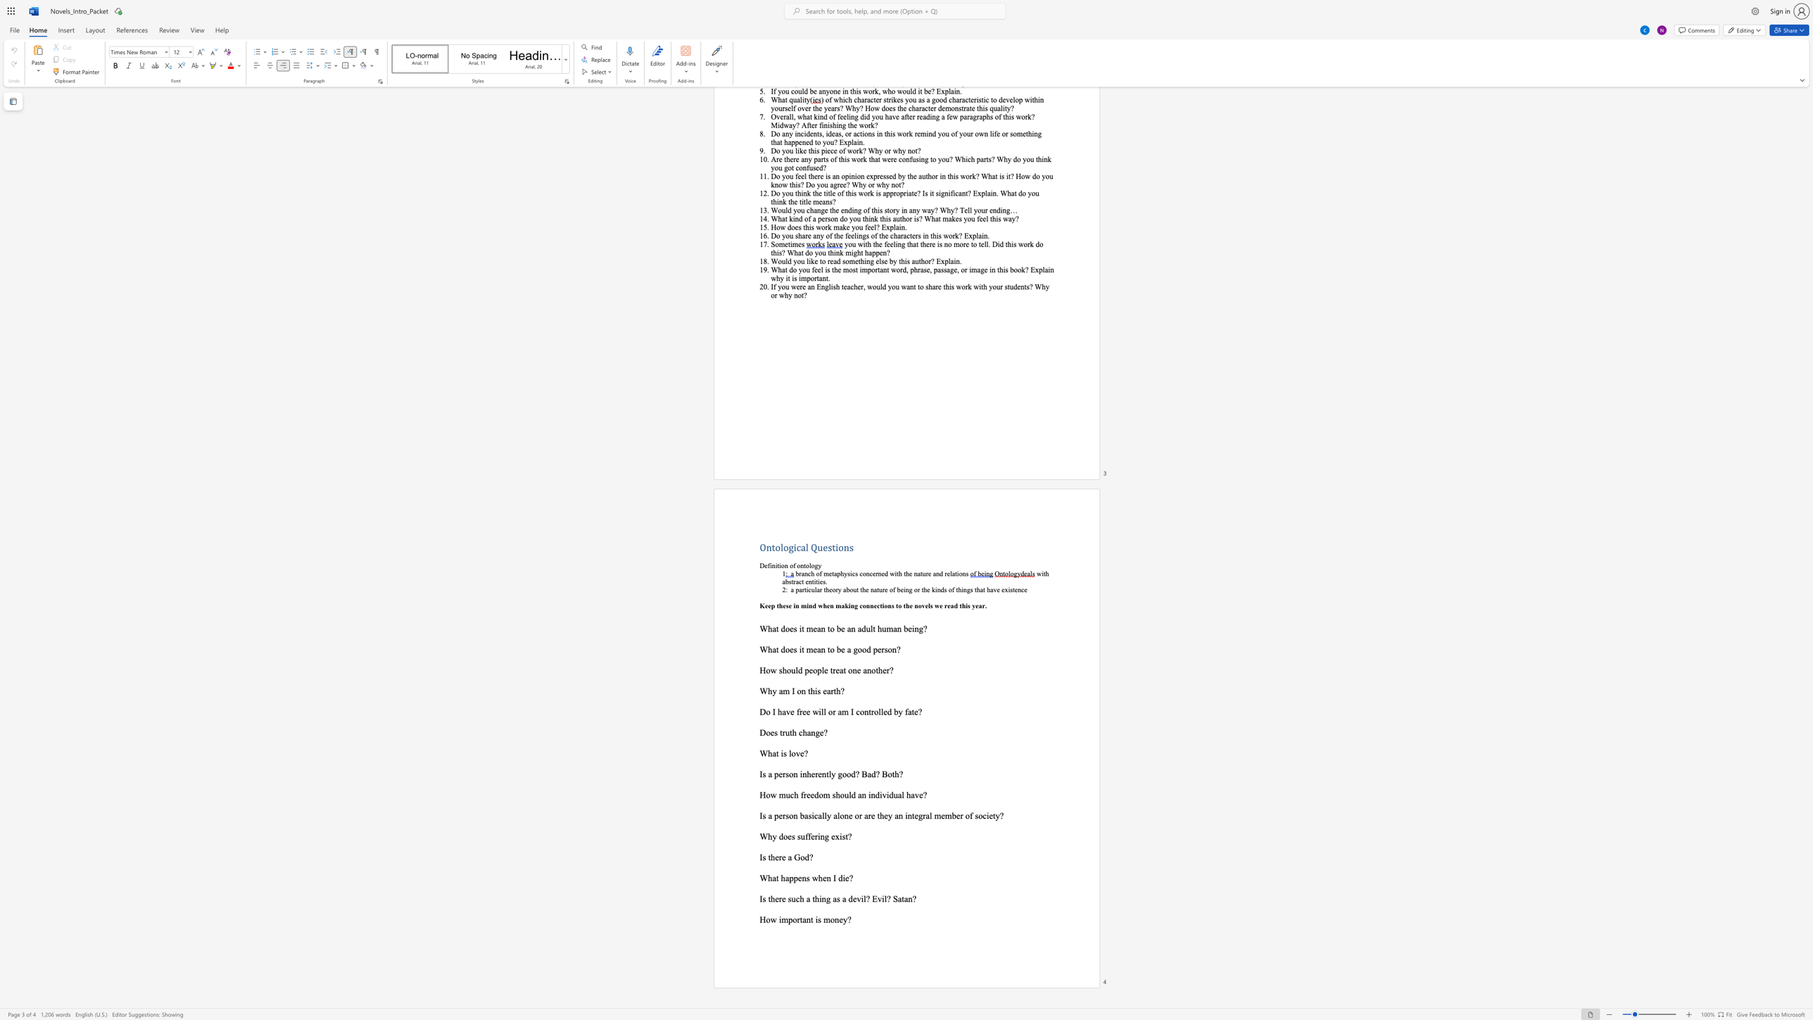 This screenshot has width=1813, height=1020. I want to click on the subset text "ctions to the novels we read this ye" within the text "Keep these in mind when making connections to the novels we read this year.", so click(876, 605).